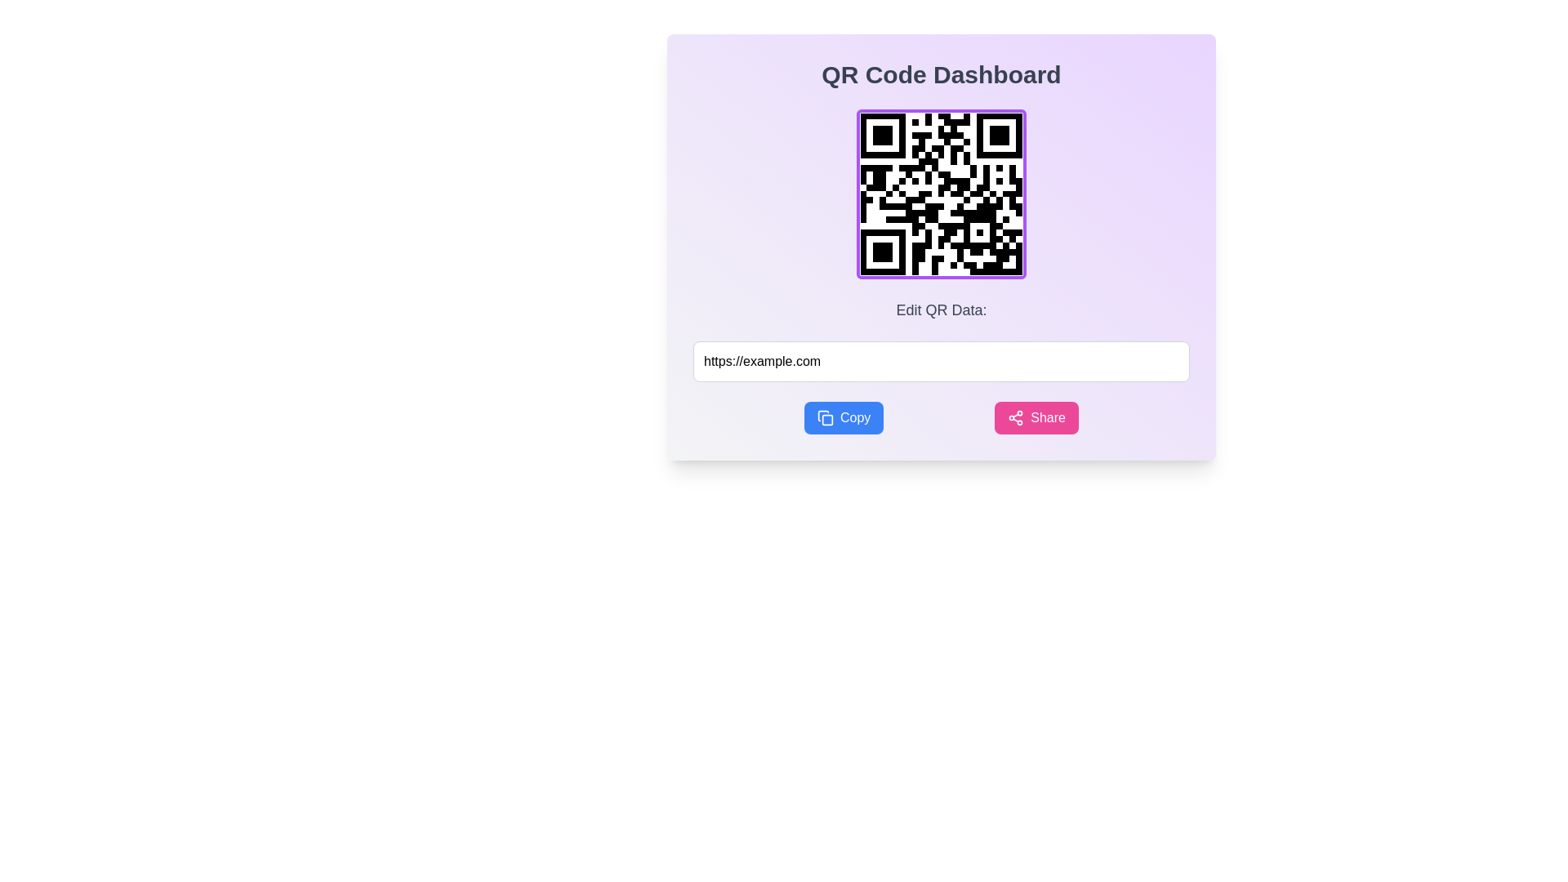 The image size is (1568, 882). I want to click on the copy icon located inside the blue 'Copy' button, positioned to the left of the button text, at the center of the button, so click(825, 417).